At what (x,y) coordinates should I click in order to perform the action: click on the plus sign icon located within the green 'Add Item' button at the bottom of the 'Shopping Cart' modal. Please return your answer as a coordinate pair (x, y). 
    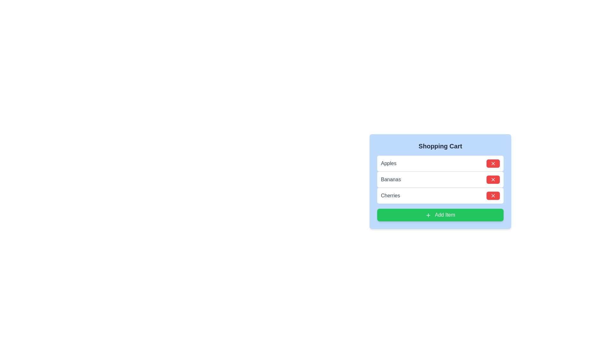
    Looking at the image, I should click on (428, 215).